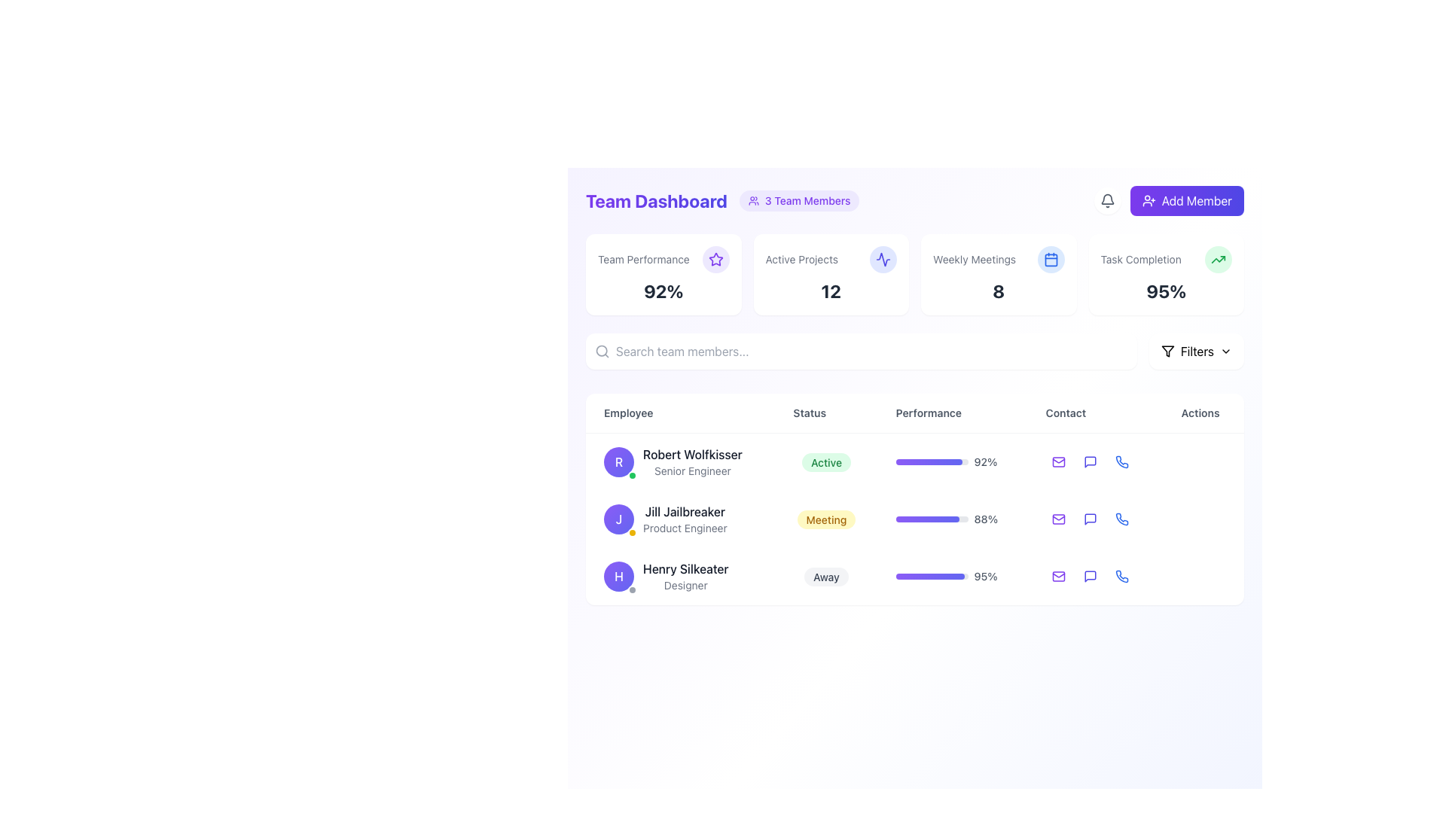  Describe the element at coordinates (721, 199) in the screenshot. I see `text information from the Header displaying 'Team Dashboard' with the badge showing '3 Team Members'` at that location.